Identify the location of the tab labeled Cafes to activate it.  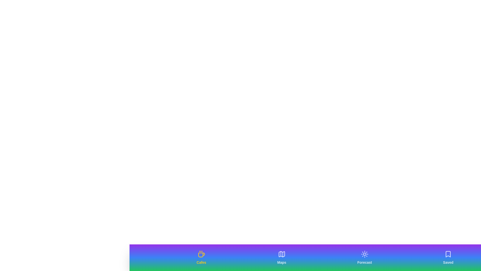
(201, 257).